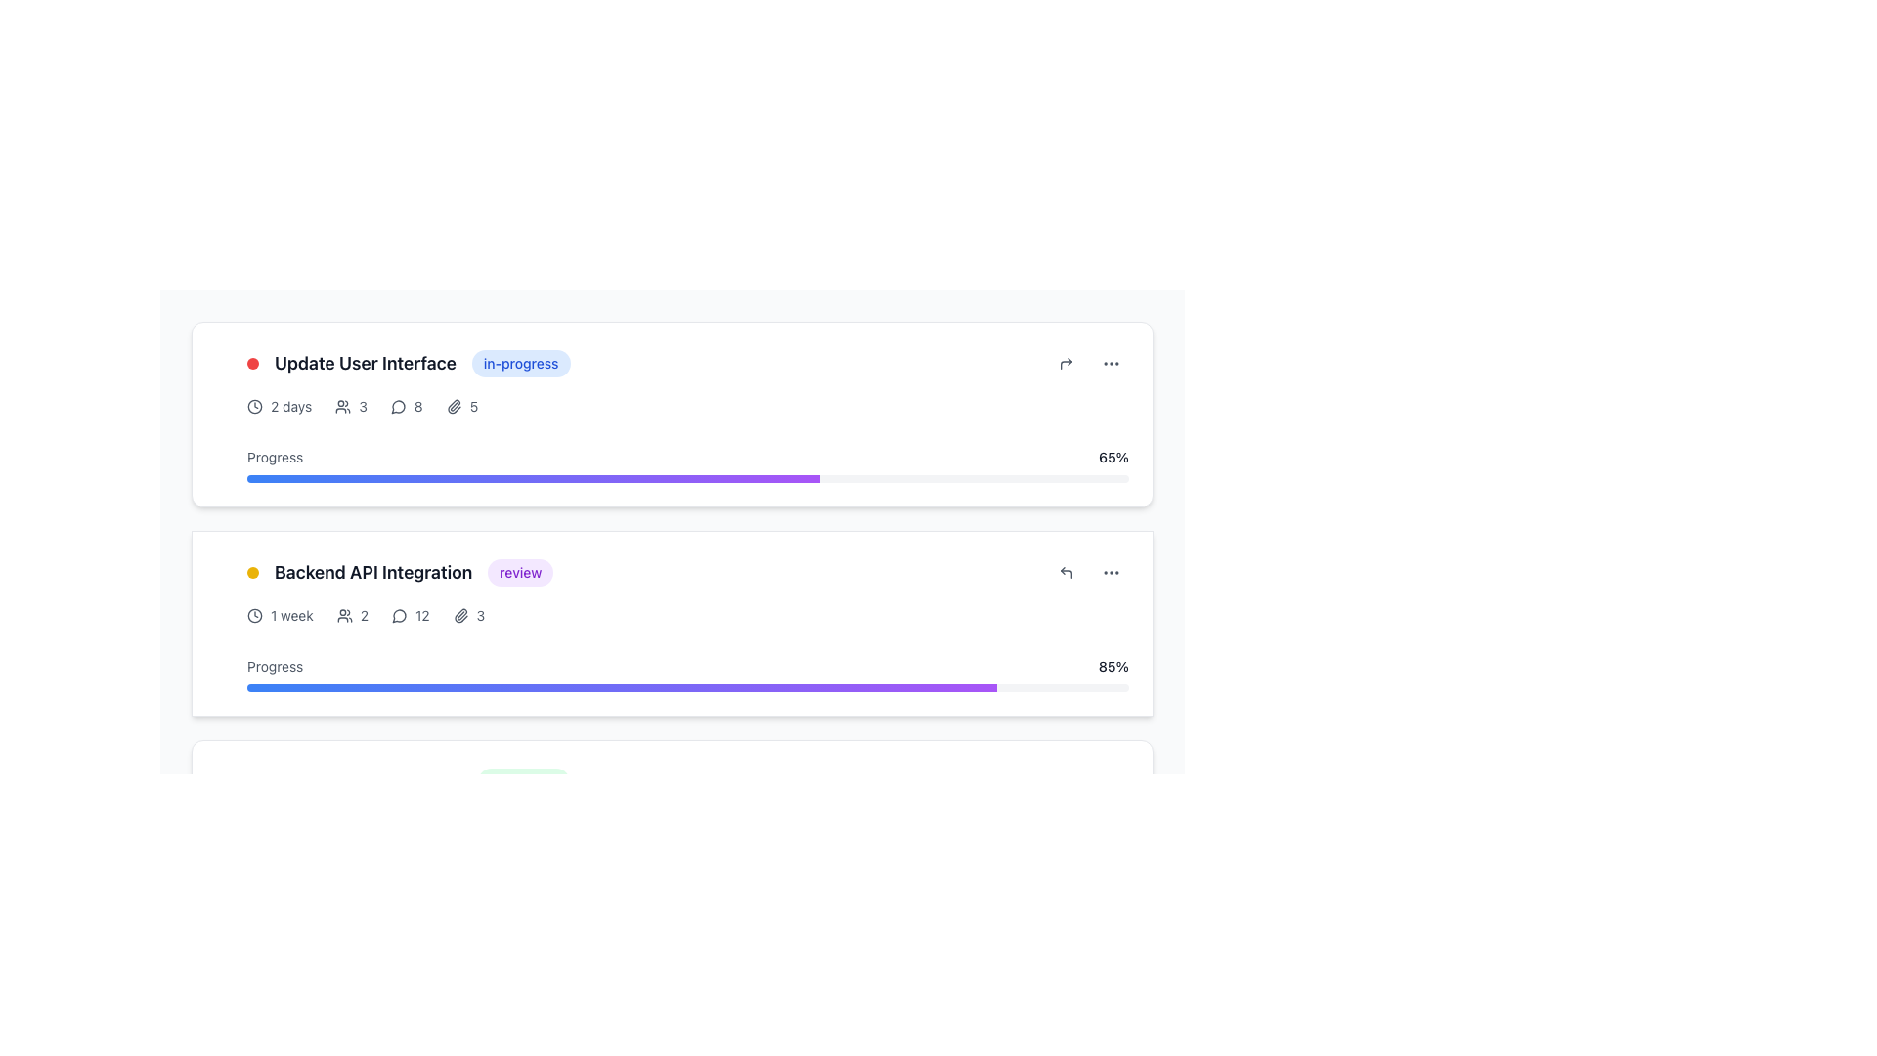 The image size is (1877, 1056). I want to click on the circular graphic element representing the outer boundary of the clock design located in the bottom-left section of the interface, so click(253, 825).